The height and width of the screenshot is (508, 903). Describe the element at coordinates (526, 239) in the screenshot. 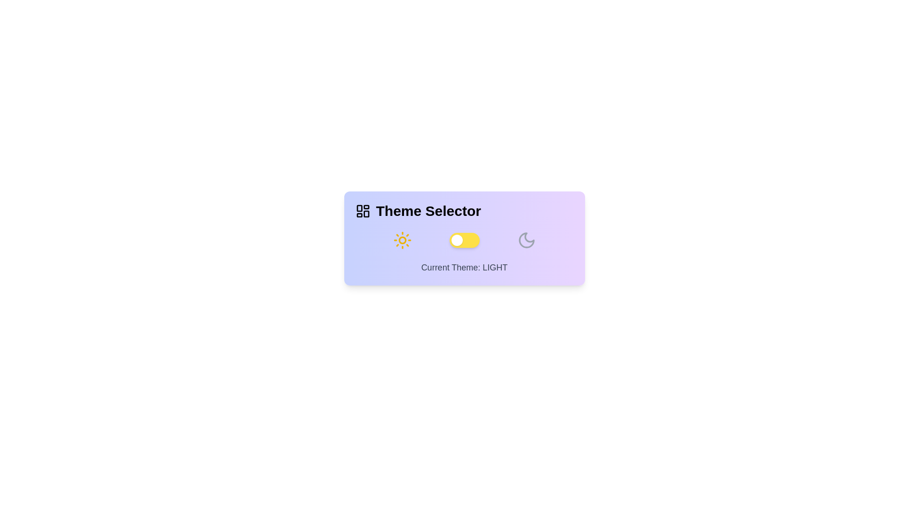

I see `the Moon icon to toggle the theme to dark mode` at that location.